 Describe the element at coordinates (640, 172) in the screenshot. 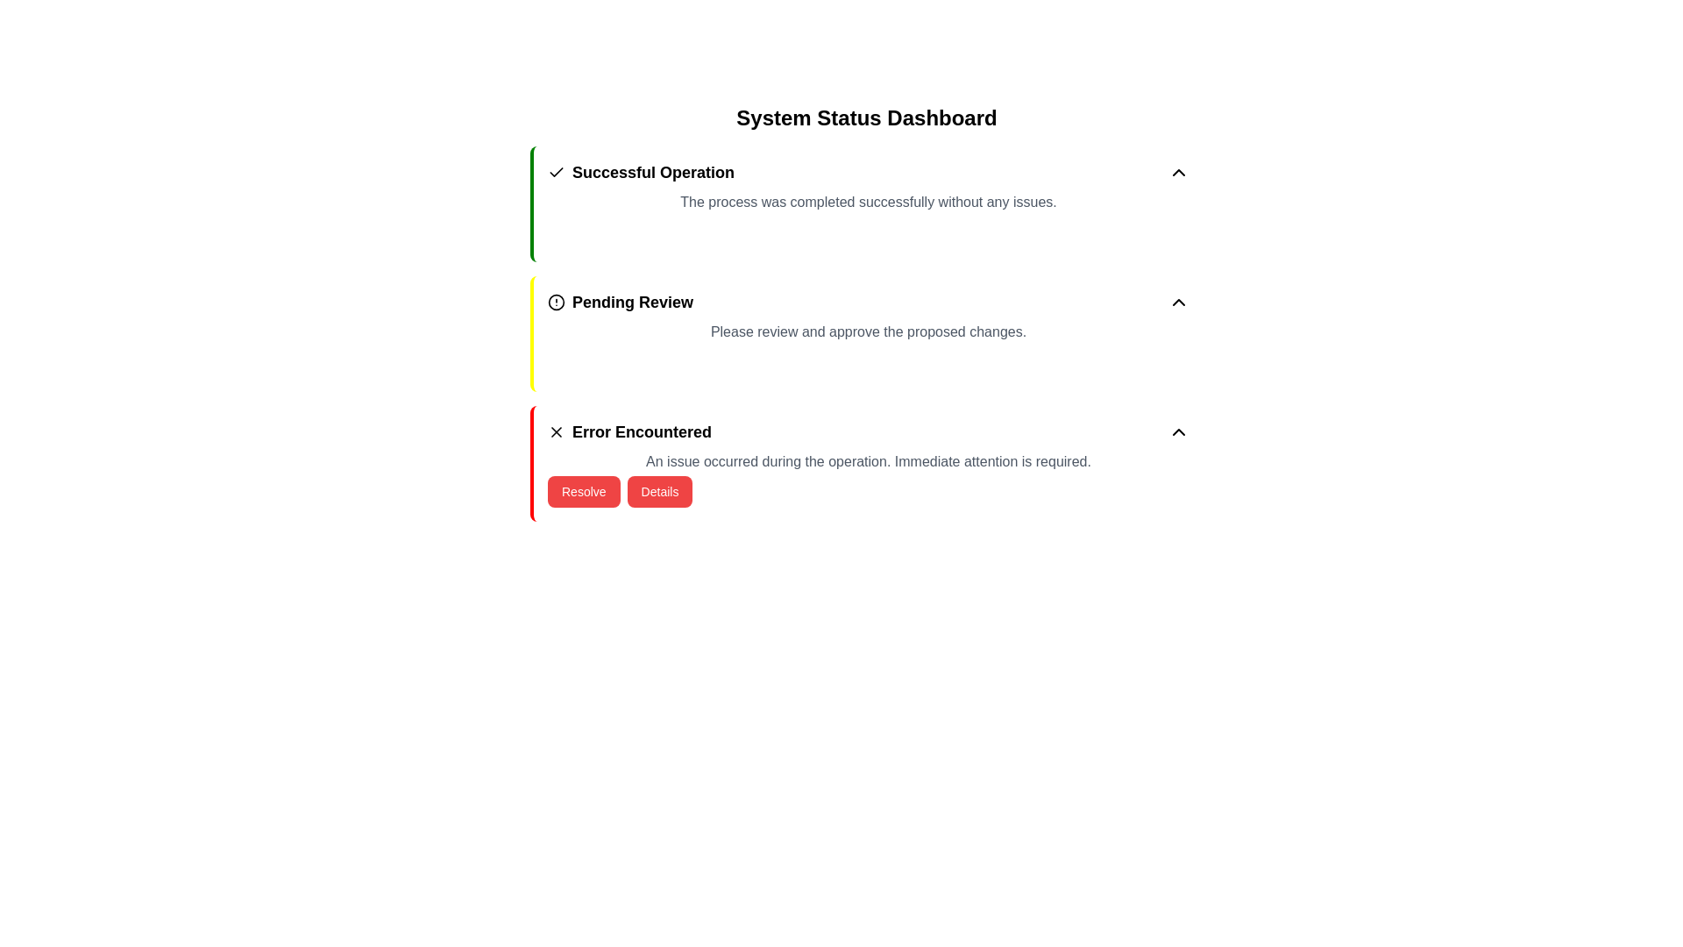

I see `the Text Label with Icon that displays a check icon and the text 'Successful Operation', indicating a positive status in the upper section of the status items list` at that location.